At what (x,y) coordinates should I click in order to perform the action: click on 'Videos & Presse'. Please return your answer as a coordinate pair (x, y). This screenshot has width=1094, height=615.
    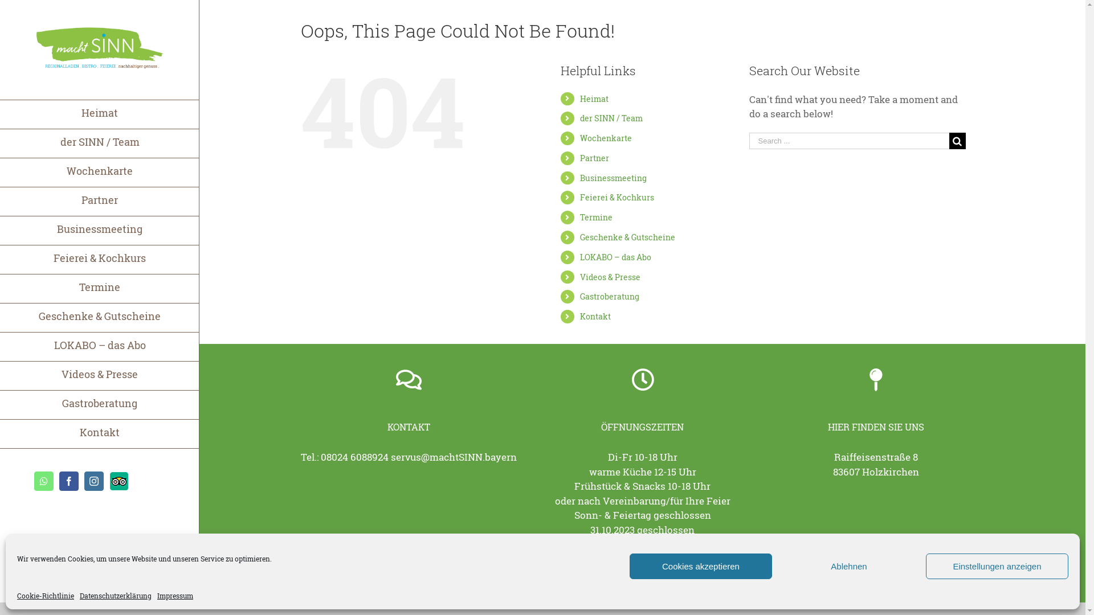
    Looking at the image, I should click on (609, 277).